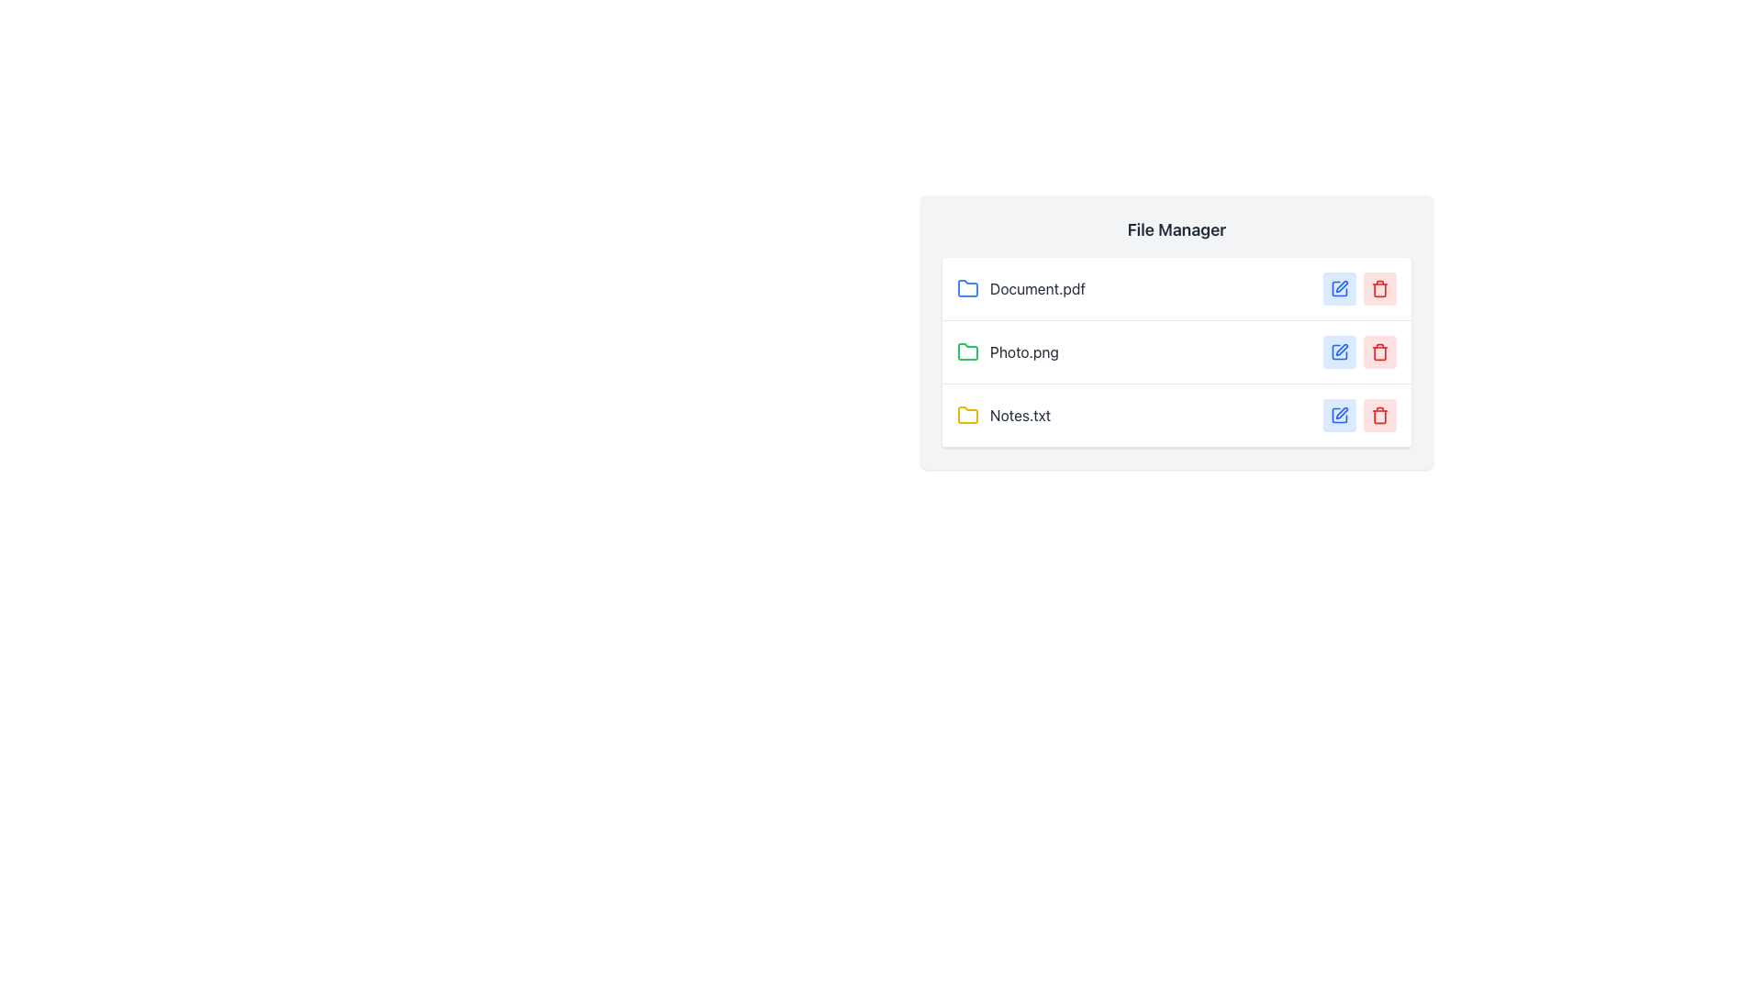 The height and width of the screenshot is (991, 1762). I want to click on the text label displaying the file name 'Notes.txt' in the file manager interface, which is the last item in a column of three items, so click(1020, 415).